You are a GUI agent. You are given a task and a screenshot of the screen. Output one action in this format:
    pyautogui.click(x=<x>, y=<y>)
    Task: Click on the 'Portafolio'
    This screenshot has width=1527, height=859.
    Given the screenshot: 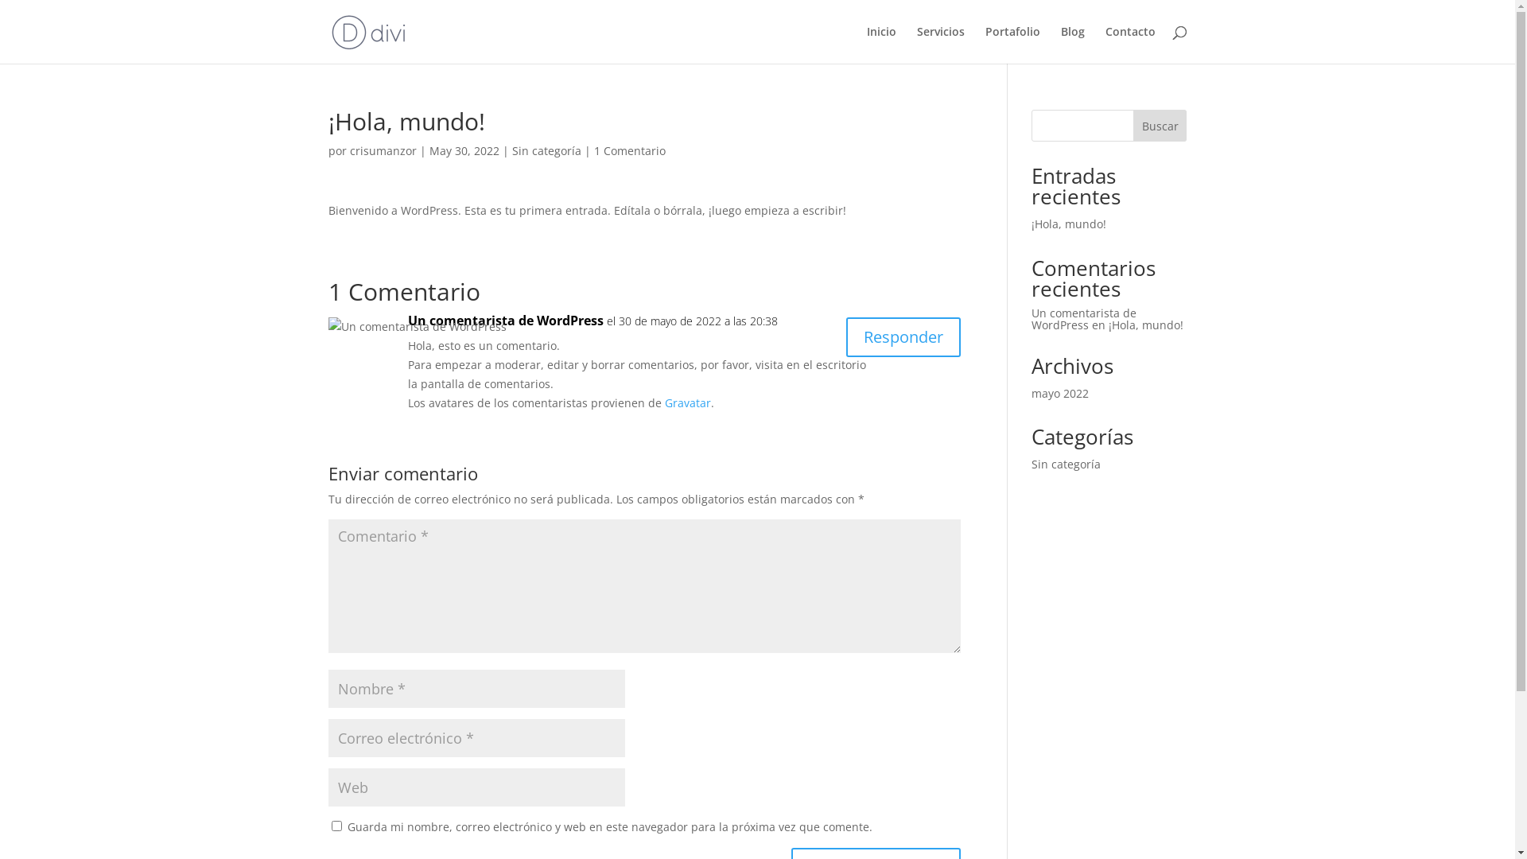 What is the action you would take?
    pyautogui.click(x=1011, y=44)
    